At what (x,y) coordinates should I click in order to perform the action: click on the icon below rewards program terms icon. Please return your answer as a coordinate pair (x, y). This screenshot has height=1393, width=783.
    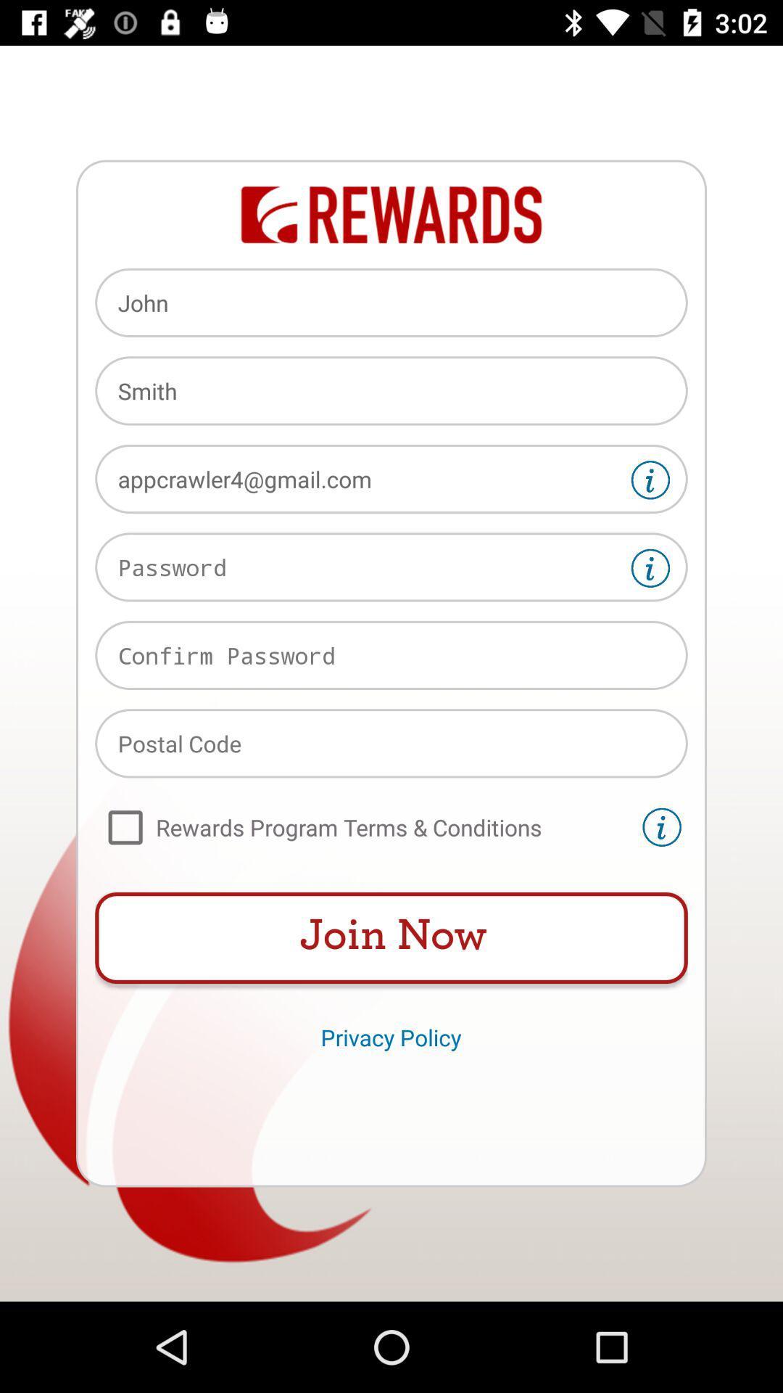
    Looking at the image, I should click on (391, 937).